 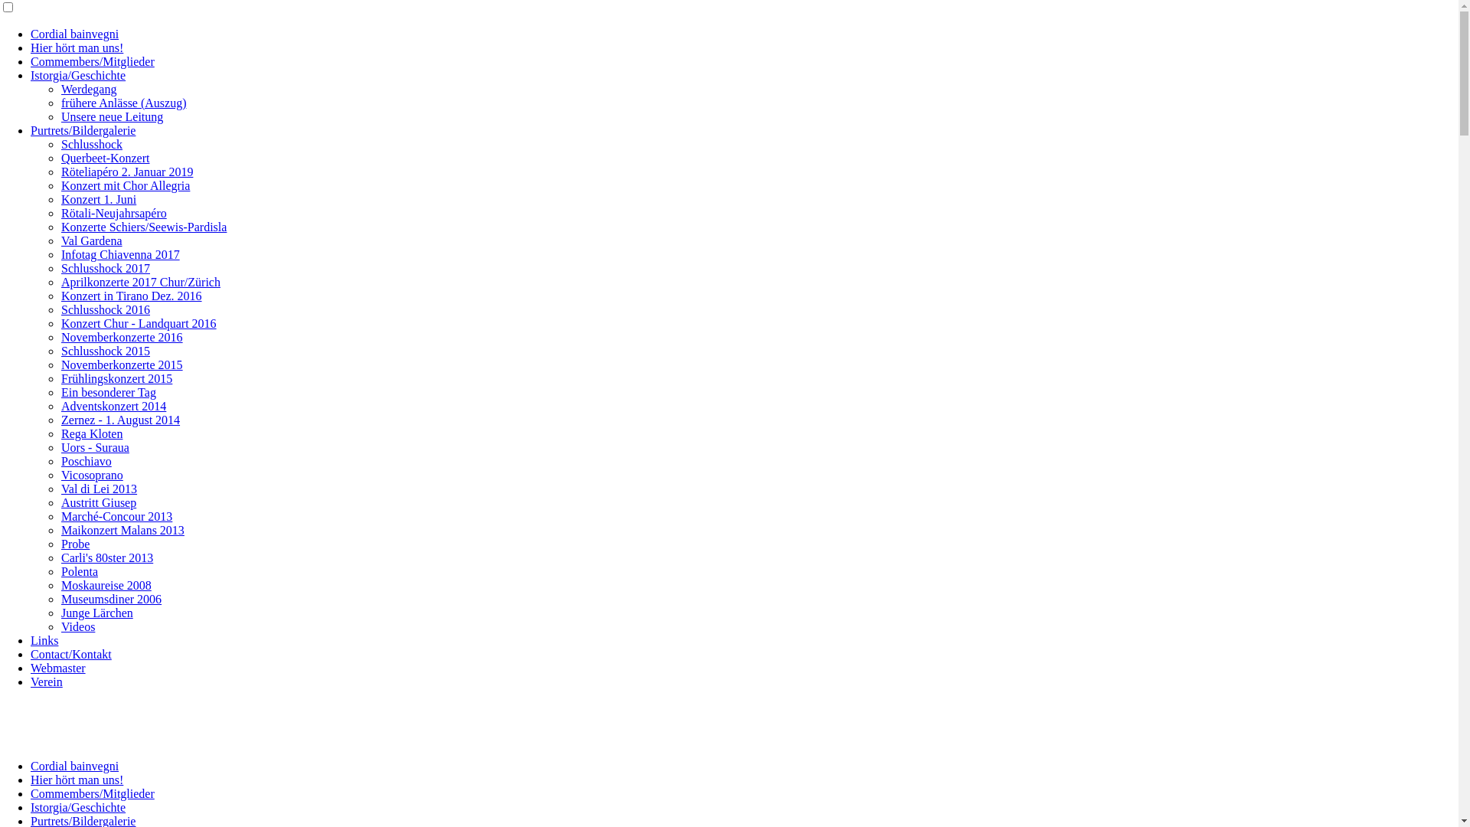 I want to click on 'Schlusshock 2017', so click(x=61, y=267).